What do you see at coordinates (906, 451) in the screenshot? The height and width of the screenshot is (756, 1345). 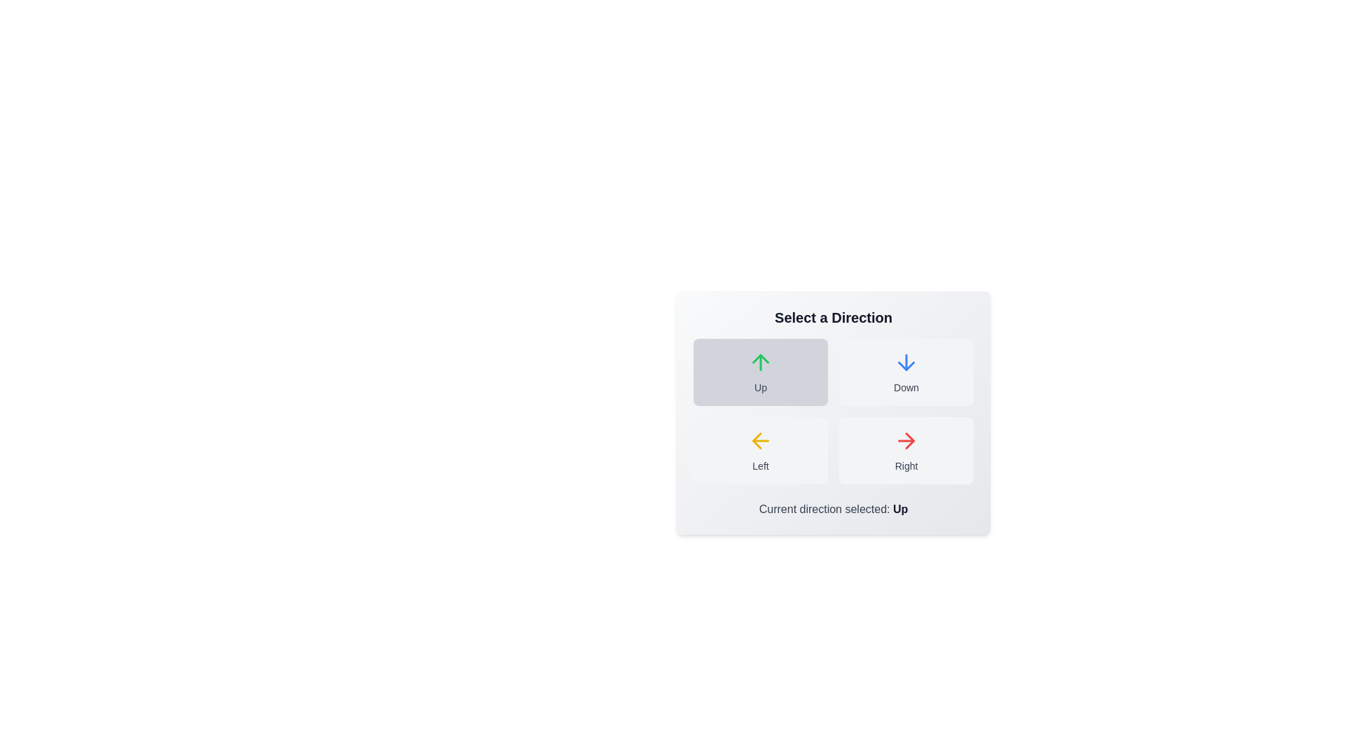 I see `the button corresponding to the direction Right` at bounding box center [906, 451].